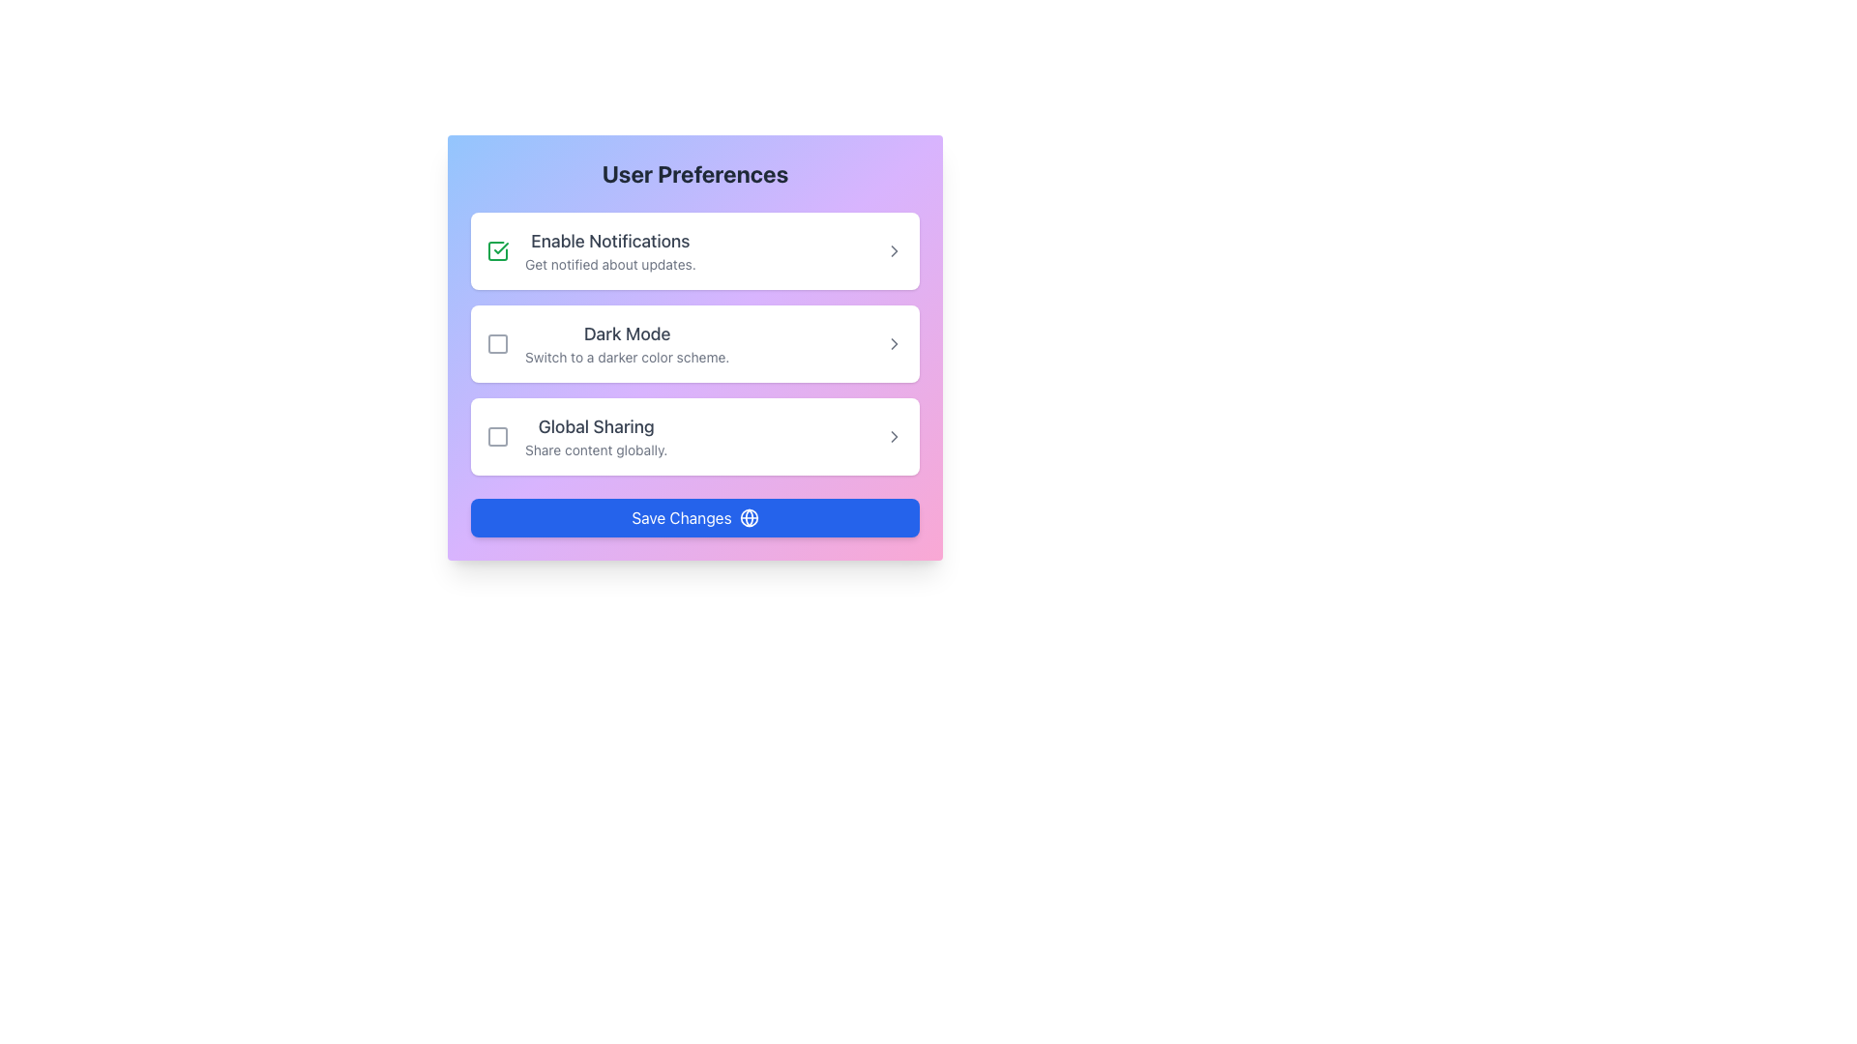 The image size is (1857, 1044). Describe the element at coordinates (575, 436) in the screenshot. I see `the 'Global Sharing' checkbox and descriptive text element in the User Preferences list` at that location.